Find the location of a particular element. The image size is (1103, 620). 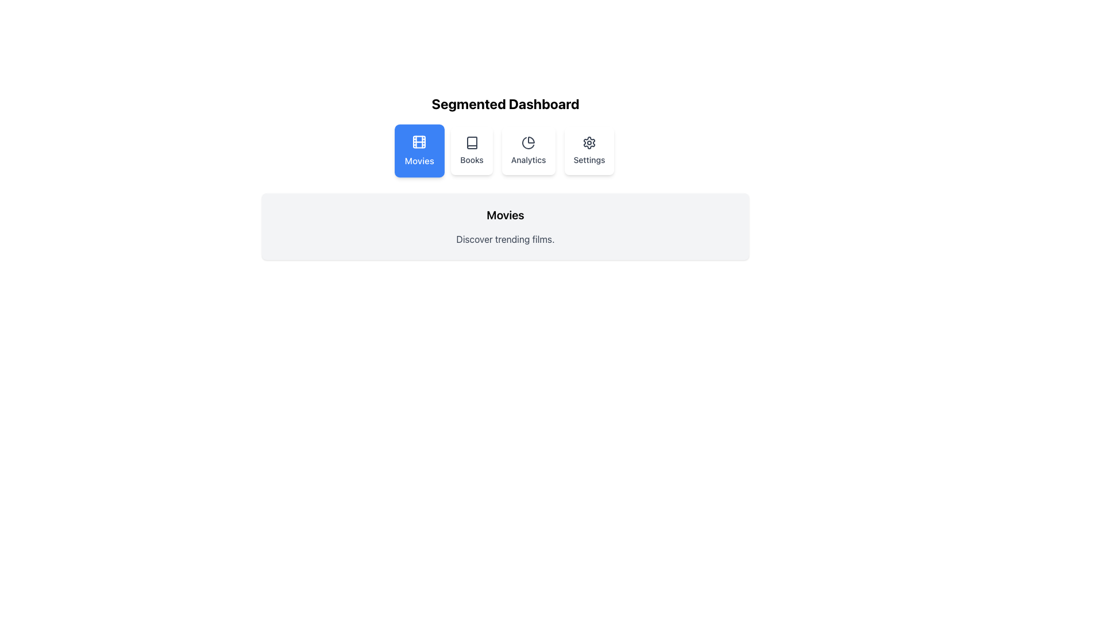

the 'Analytics' text label located within the navigation button beneath the pie chart icon is located at coordinates (528, 160).